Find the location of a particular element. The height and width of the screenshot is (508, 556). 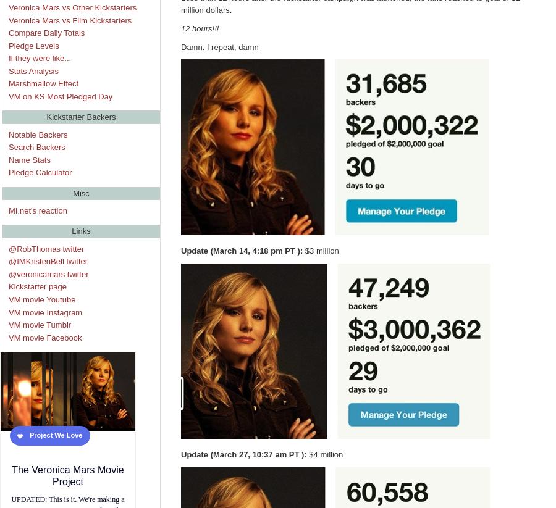

'If they were like...' is located at coordinates (39, 57).